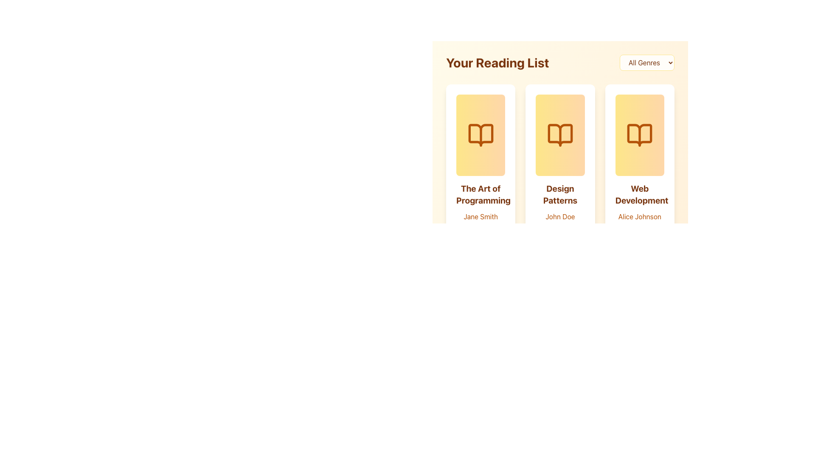 The width and height of the screenshot is (815, 458). I want to click on anywhere inside the third card in the 'Your Reading List' section, titled 'Web Development' by 'Alice Johnson', so click(640, 135).